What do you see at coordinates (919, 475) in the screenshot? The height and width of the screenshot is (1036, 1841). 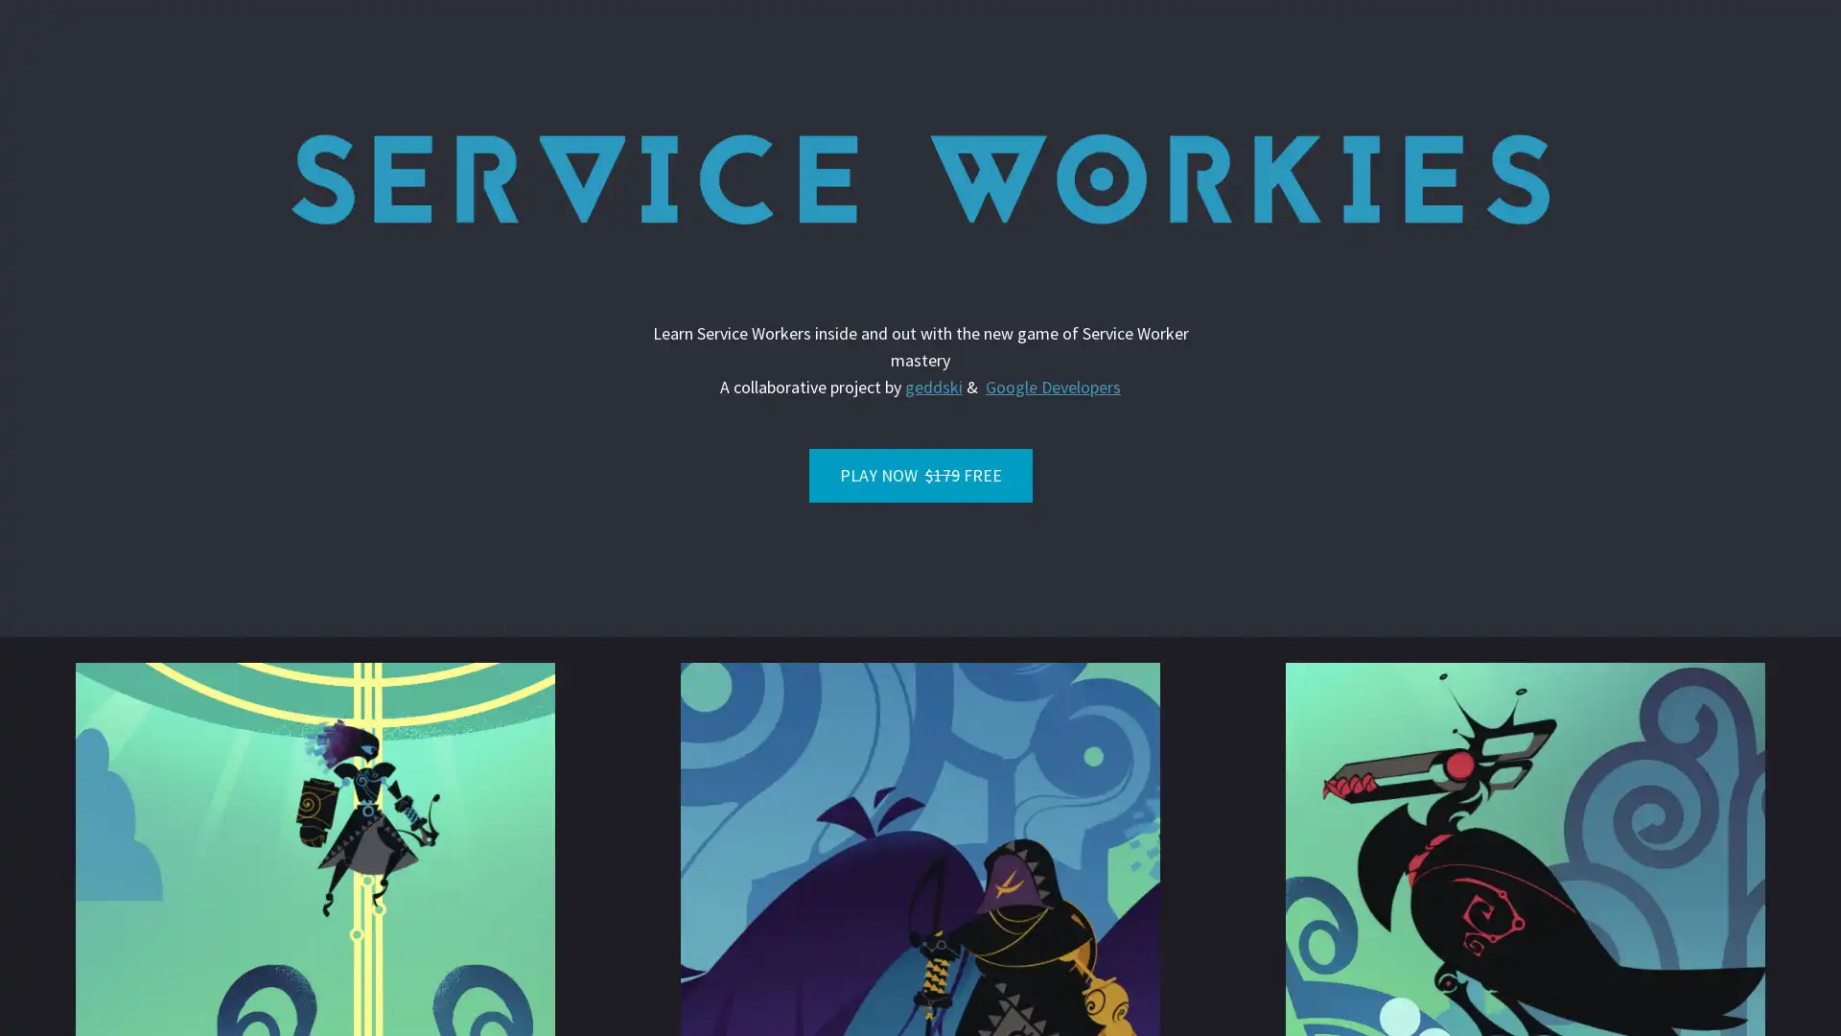 I see `PLAY NOW  $179 FREE` at bounding box center [919, 475].